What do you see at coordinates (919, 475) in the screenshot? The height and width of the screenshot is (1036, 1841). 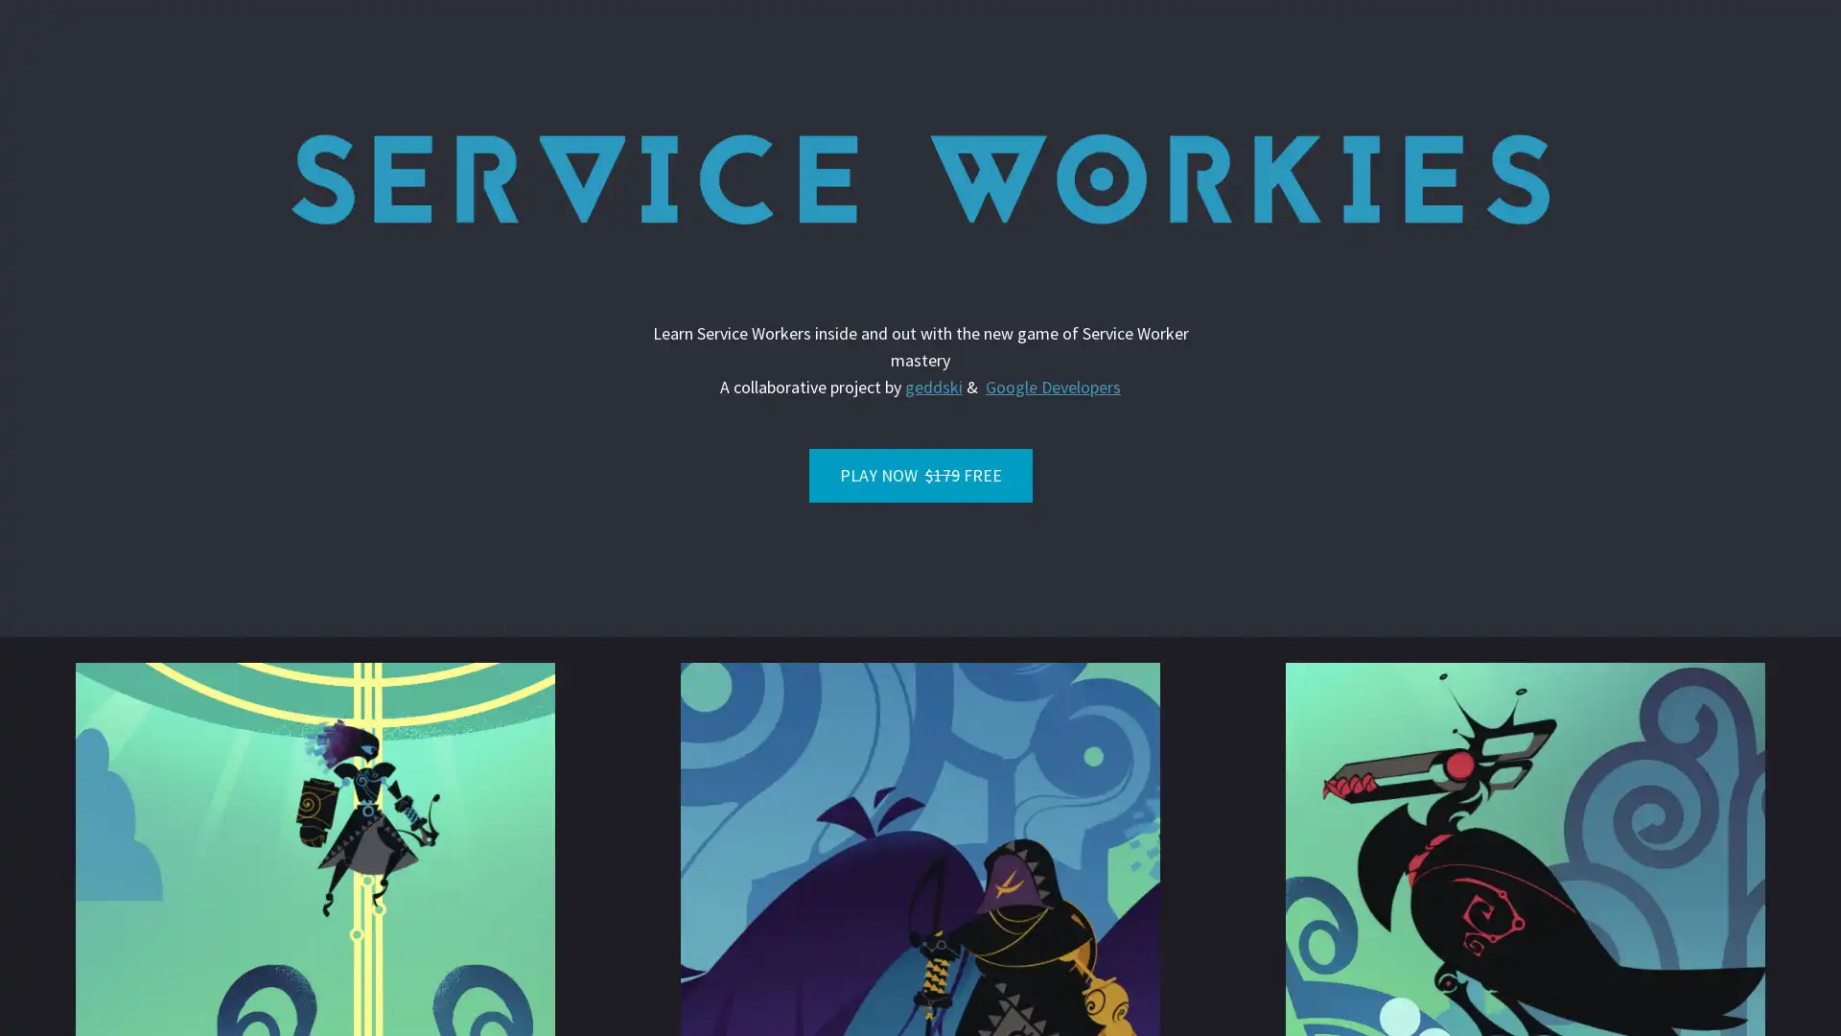 I see `PLAY NOW  $179 FREE` at bounding box center [919, 475].